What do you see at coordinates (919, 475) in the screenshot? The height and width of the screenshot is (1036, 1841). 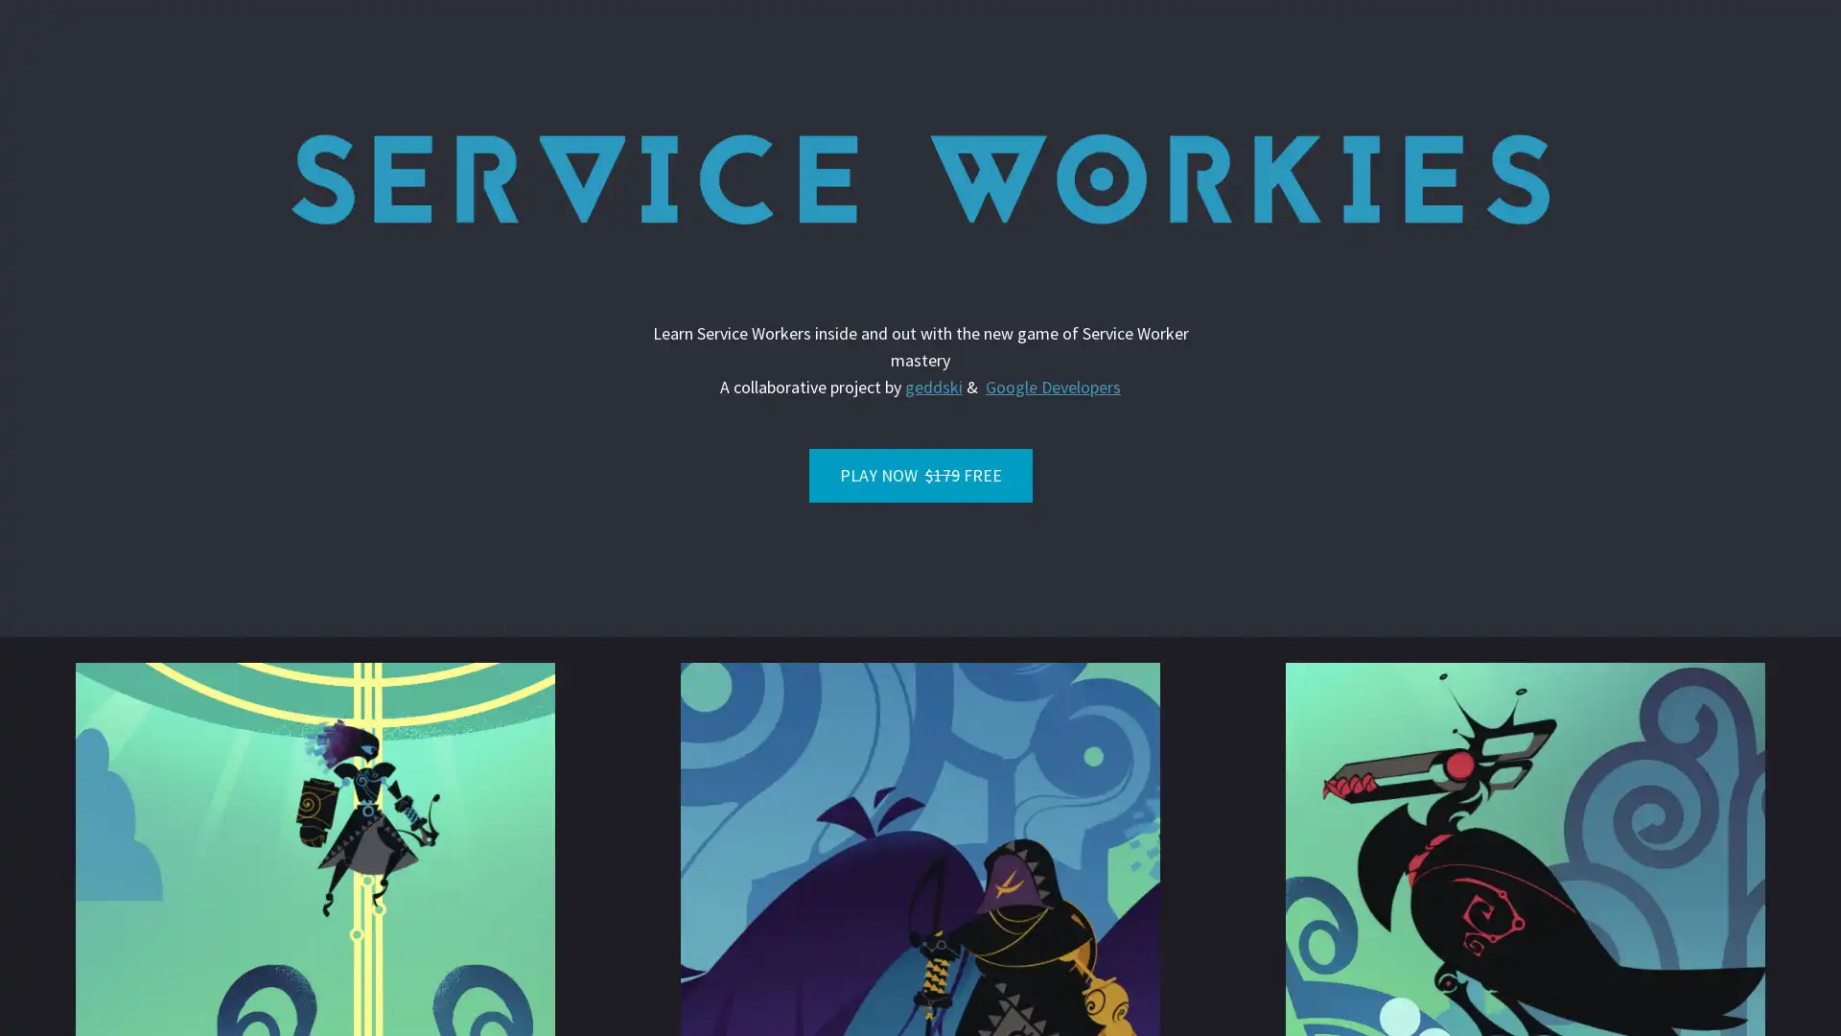 I see `PLAY NOW  $179 FREE` at bounding box center [919, 475].